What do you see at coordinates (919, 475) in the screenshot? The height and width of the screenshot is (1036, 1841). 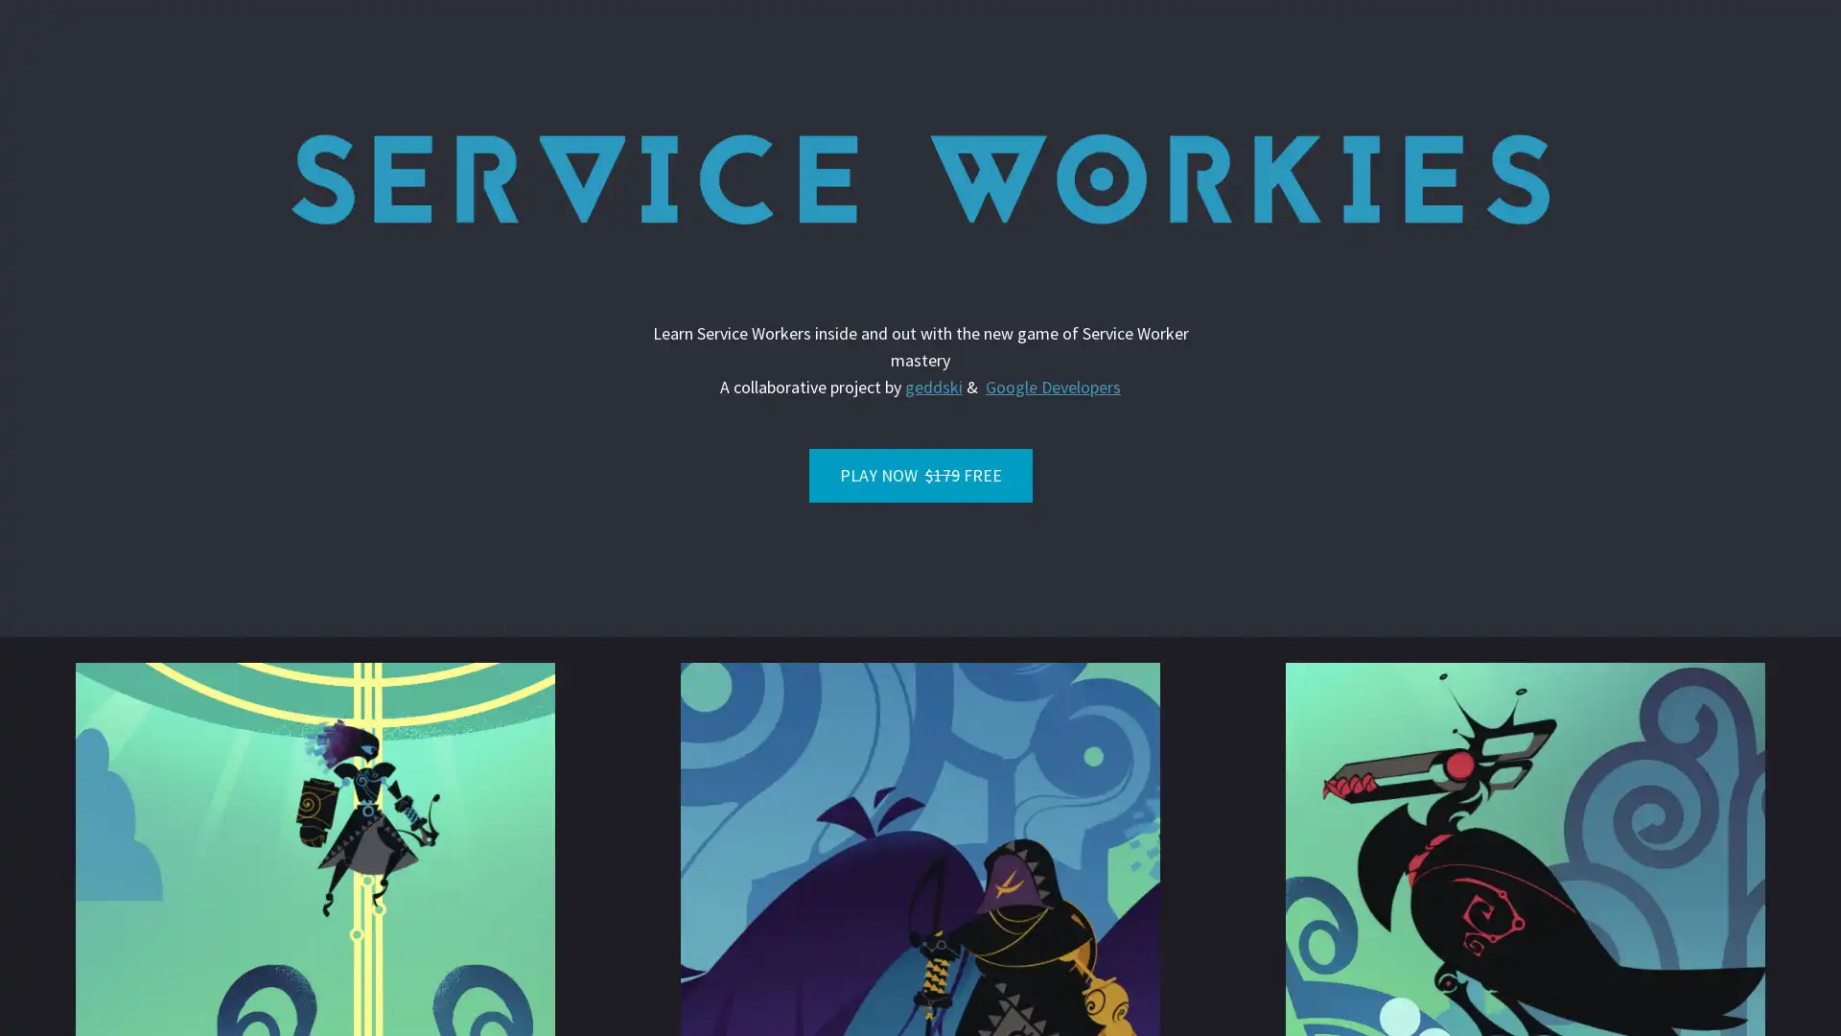 I see `PLAY NOW  $179 FREE` at bounding box center [919, 475].